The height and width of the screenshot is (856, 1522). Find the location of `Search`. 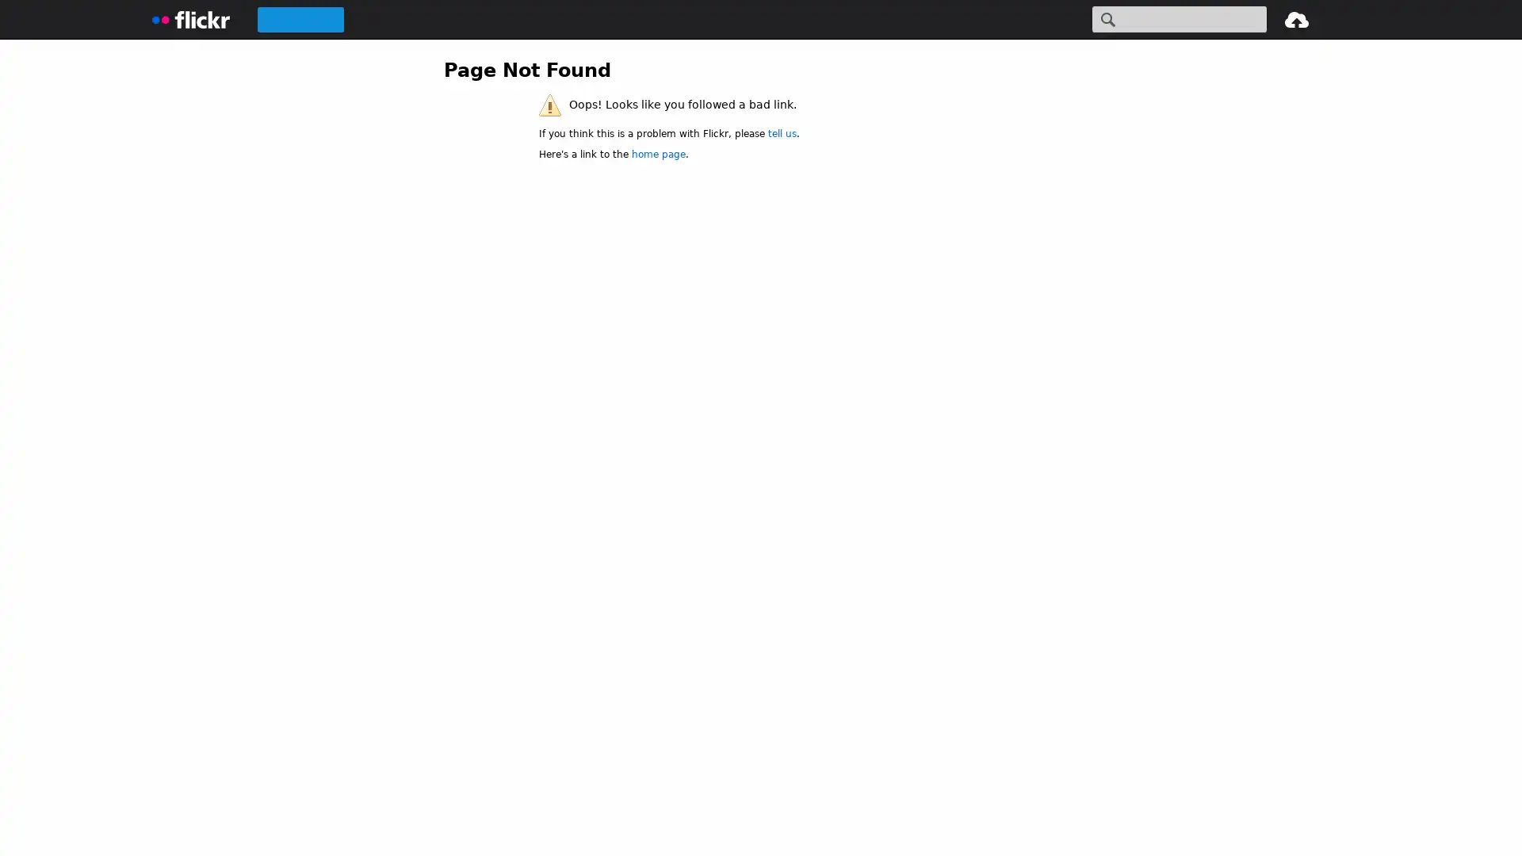

Search is located at coordinates (1111, 19).